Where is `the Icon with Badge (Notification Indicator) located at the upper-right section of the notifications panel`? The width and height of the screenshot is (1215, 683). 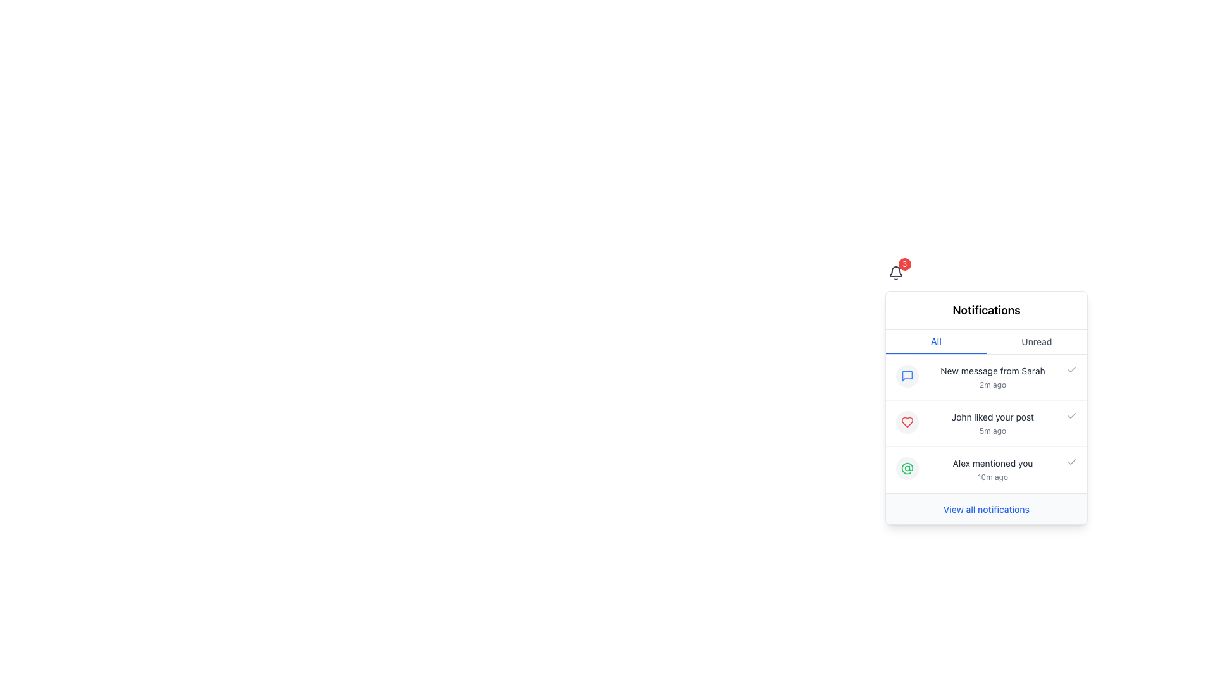 the Icon with Badge (Notification Indicator) located at the upper-right section of the notifications panel is located at coordinates (895, 273).